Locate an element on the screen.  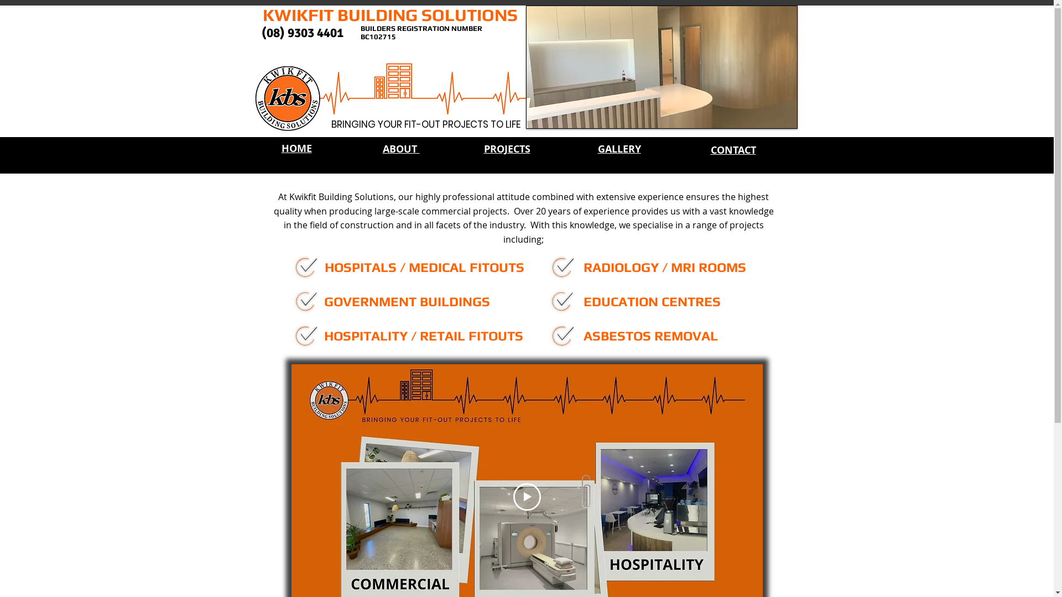
'HOME' is located at coordinates (281, 148).